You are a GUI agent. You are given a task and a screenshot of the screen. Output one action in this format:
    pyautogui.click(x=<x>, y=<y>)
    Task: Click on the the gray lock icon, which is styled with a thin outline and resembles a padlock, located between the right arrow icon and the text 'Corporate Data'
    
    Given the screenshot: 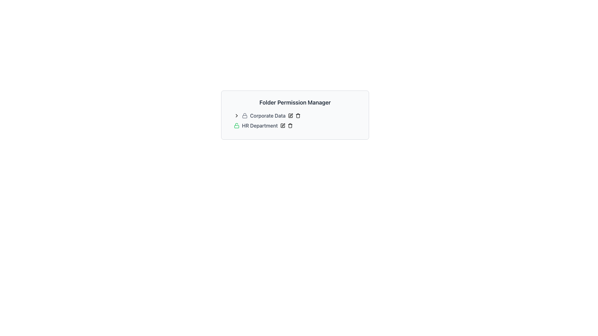 What is the action you would take?
    pyautogui.click(x=244, y=115)
    